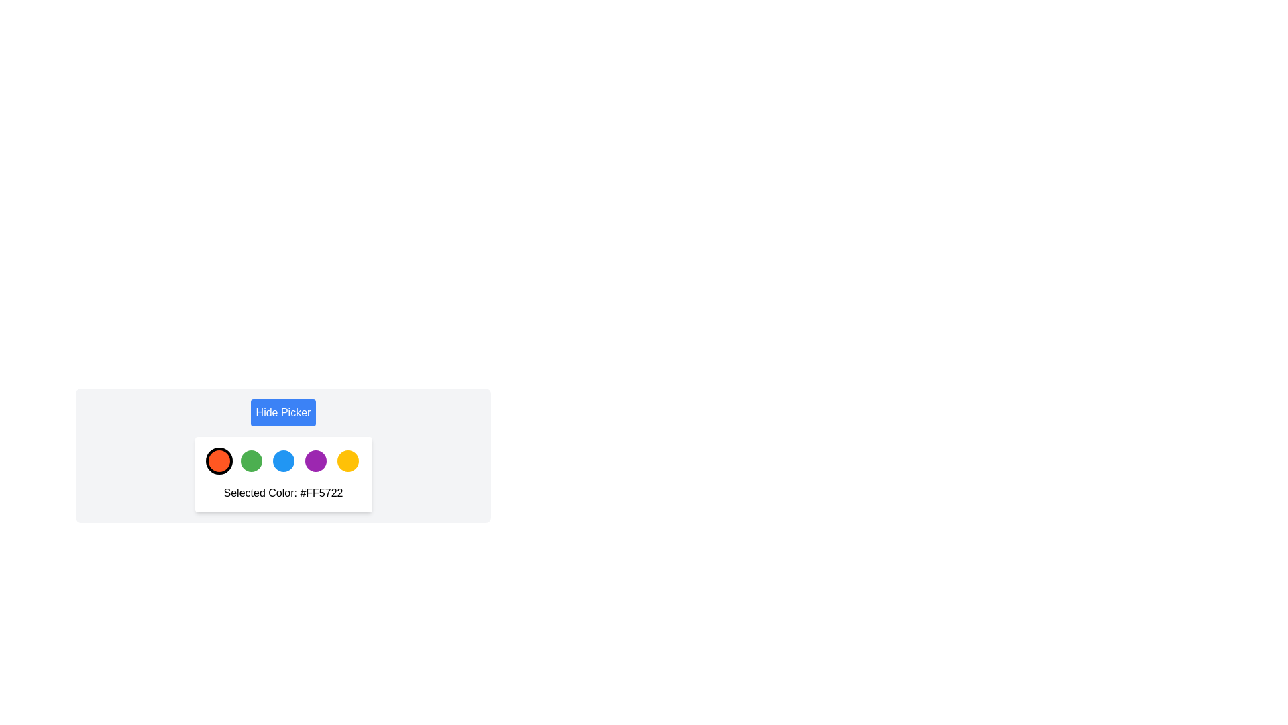 The image size is (1288, 725). Describe the element at coordinates (347, 460) in the screenshot. I see `the yellow color selection button, which is the fifth circular button in a horizontal row near the bottom of the card` at that location.